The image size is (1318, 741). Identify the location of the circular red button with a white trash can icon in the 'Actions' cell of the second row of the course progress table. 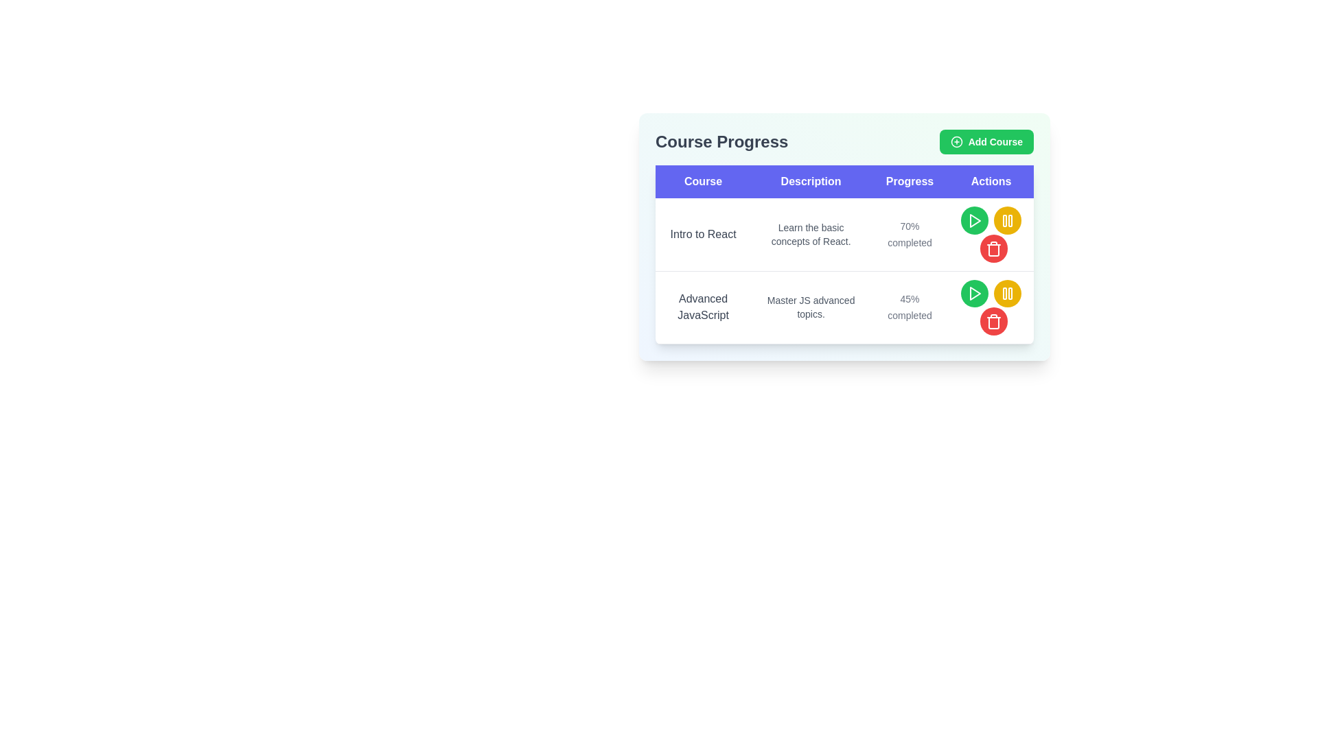
(994, 321).